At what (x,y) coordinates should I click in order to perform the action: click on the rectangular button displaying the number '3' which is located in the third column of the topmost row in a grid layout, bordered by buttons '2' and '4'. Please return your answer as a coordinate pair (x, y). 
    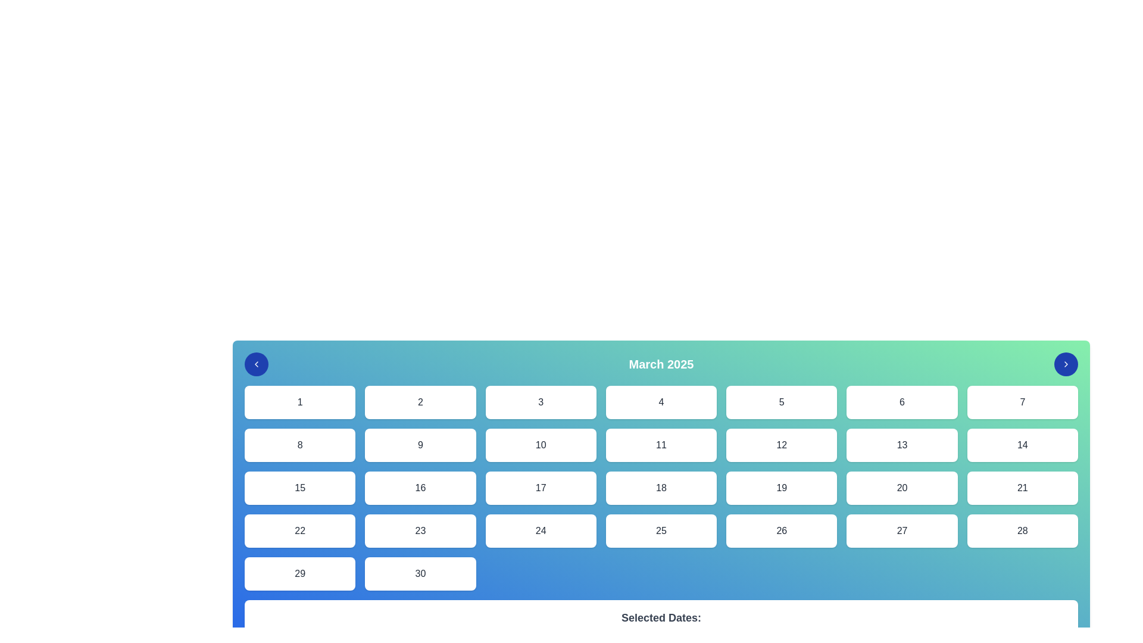
    Looking at the image, I should click on (540, 402).